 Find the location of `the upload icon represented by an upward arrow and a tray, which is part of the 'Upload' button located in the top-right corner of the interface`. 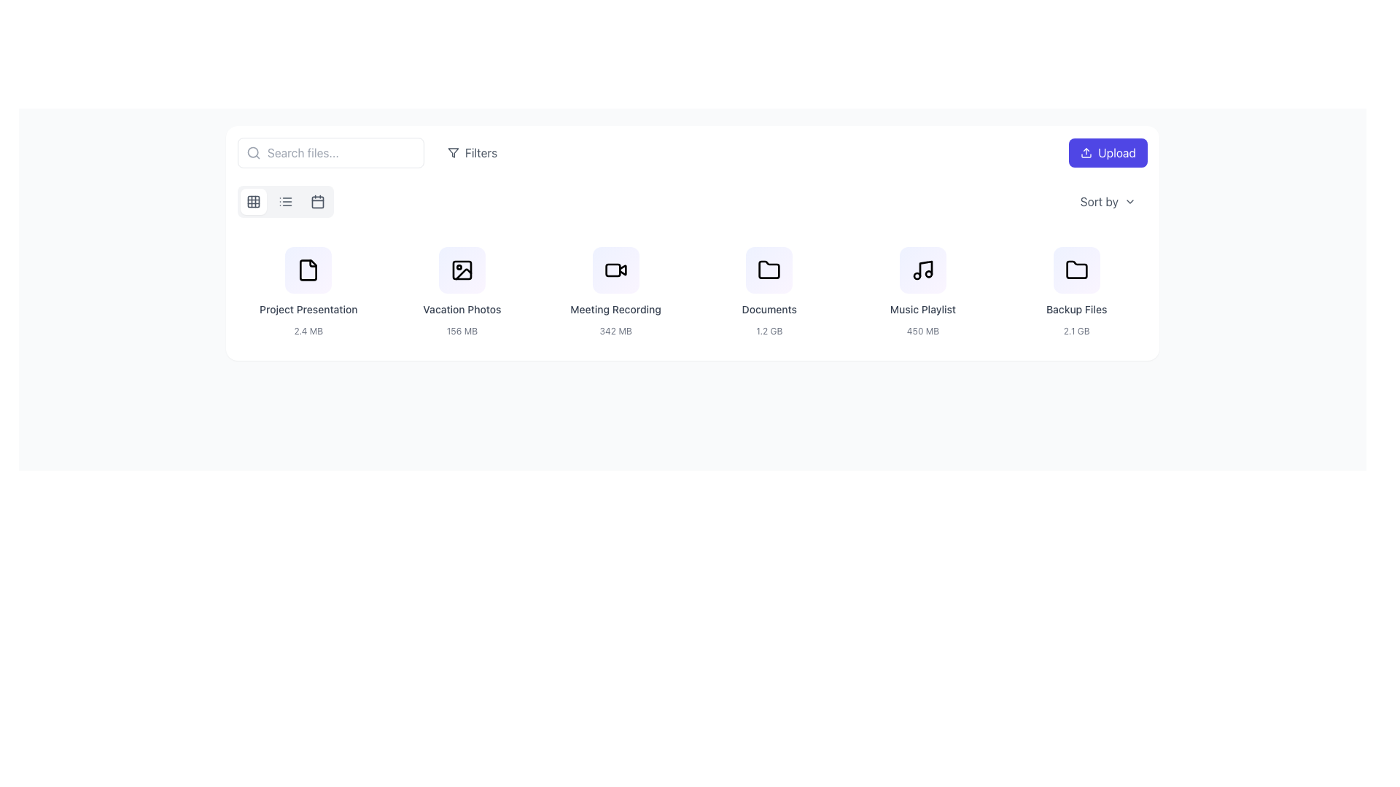

the upload icon represented by an upward arrow and a tray, which is part of the 'Upload' button located in the top-right corner of the interface is located at coordinates (1086, 152).